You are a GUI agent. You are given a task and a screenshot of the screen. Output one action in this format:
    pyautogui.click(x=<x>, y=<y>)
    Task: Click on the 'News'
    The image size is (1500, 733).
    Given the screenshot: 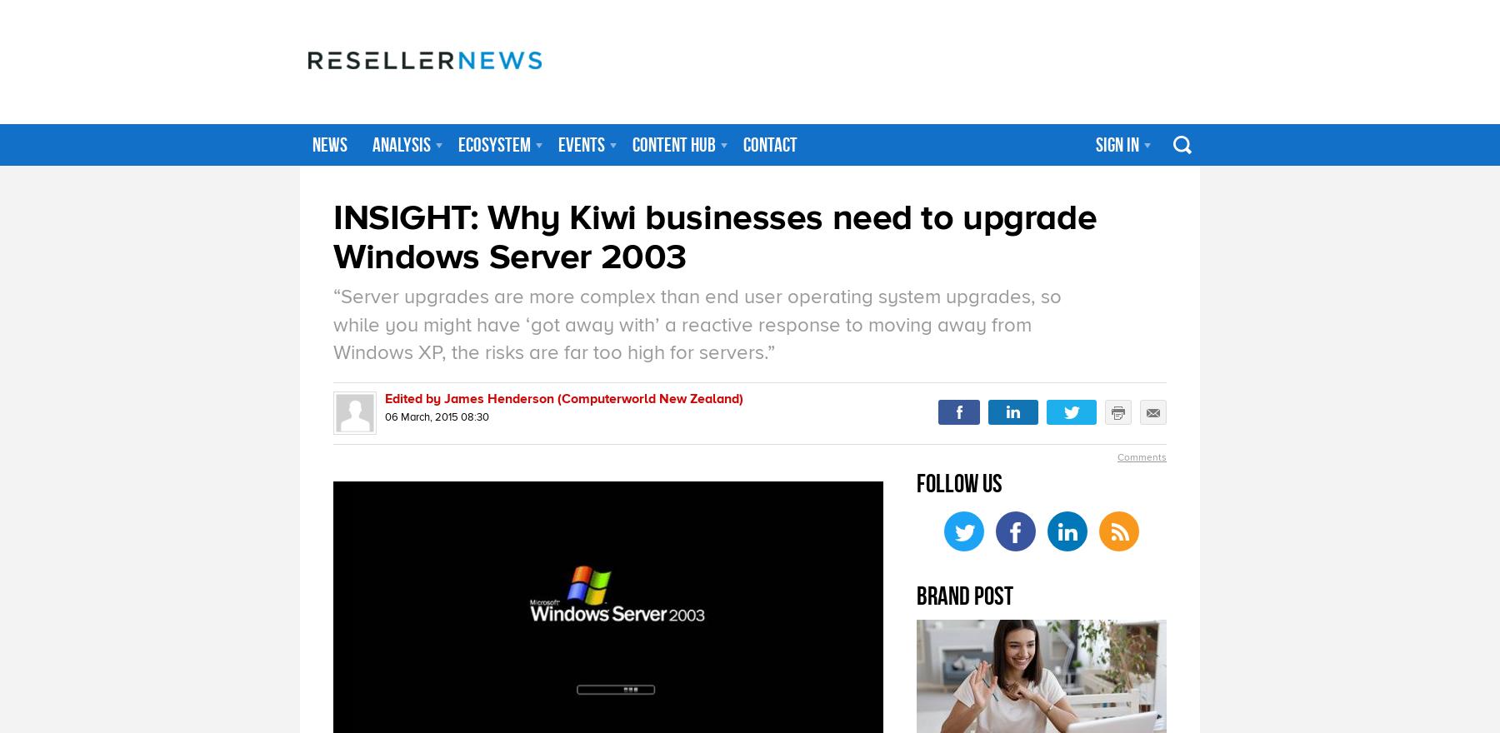 What is the action you would take?
    pyautogui.click(x=330, y=143)
    